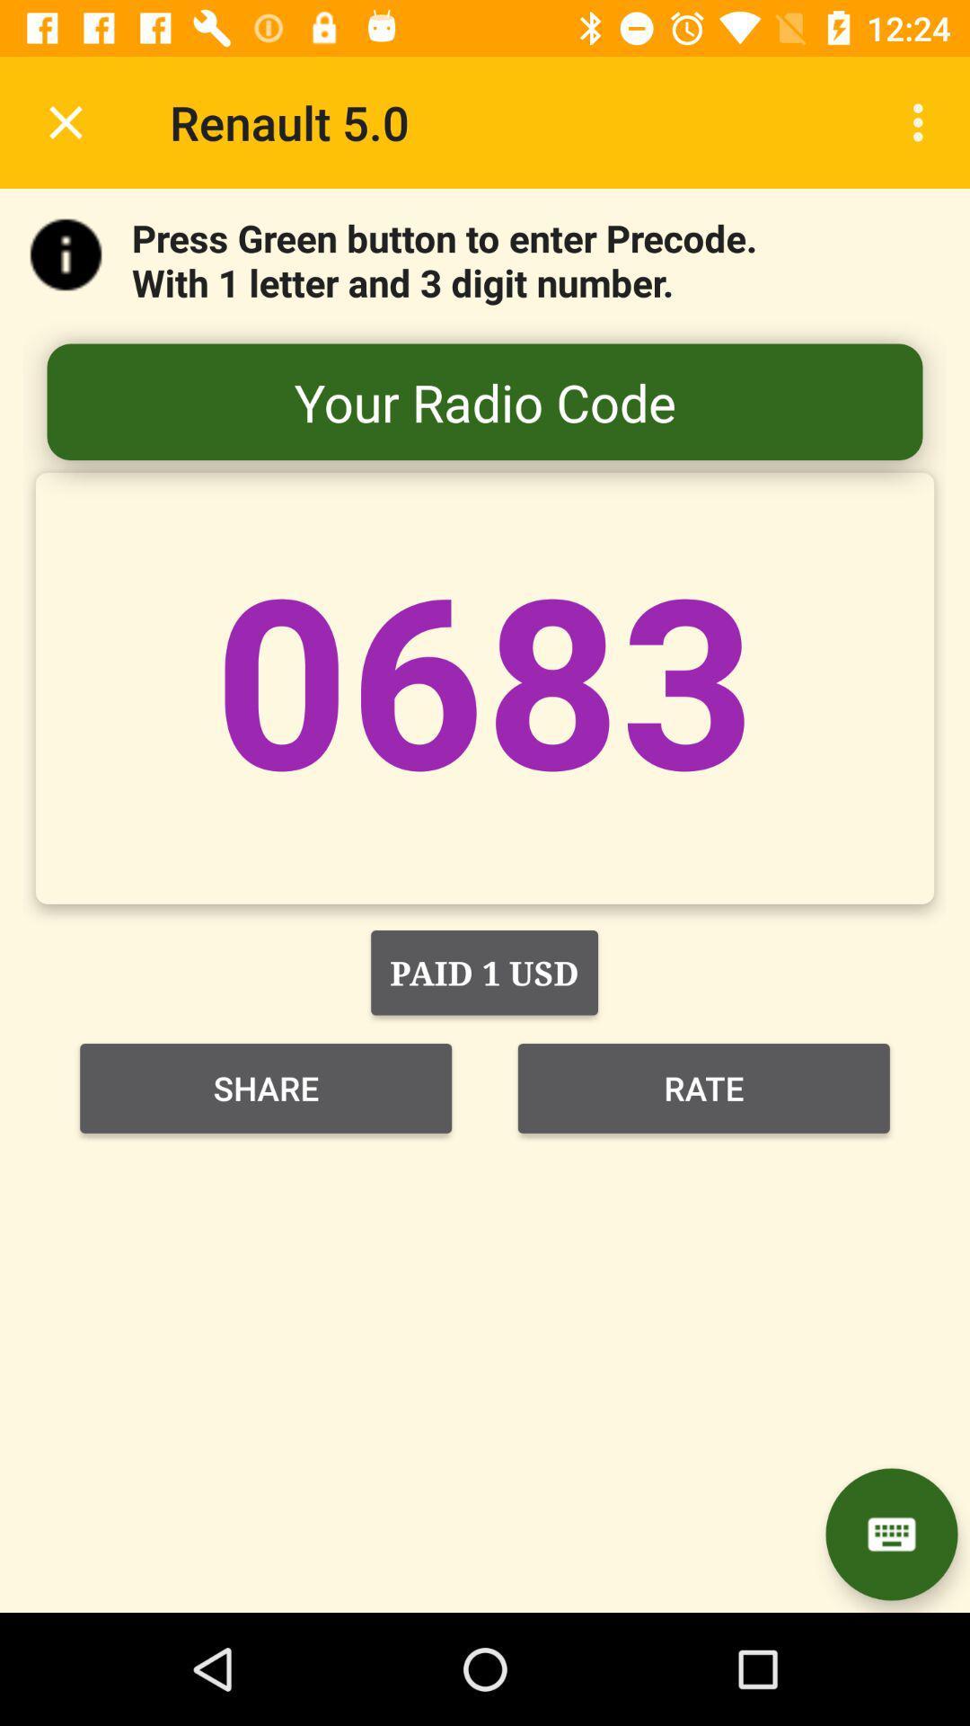 The width and height of the screenshot is (970, 1726). I want to click on icon above your radio code item, so click(922, 121).